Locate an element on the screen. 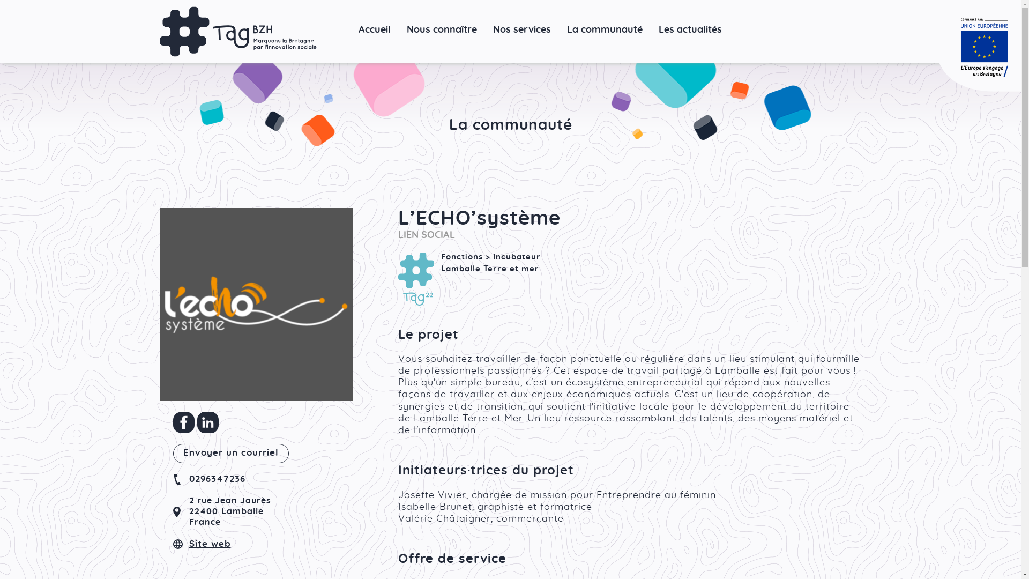  'Aller au contenu principal' is located at coordinates (0, 0).